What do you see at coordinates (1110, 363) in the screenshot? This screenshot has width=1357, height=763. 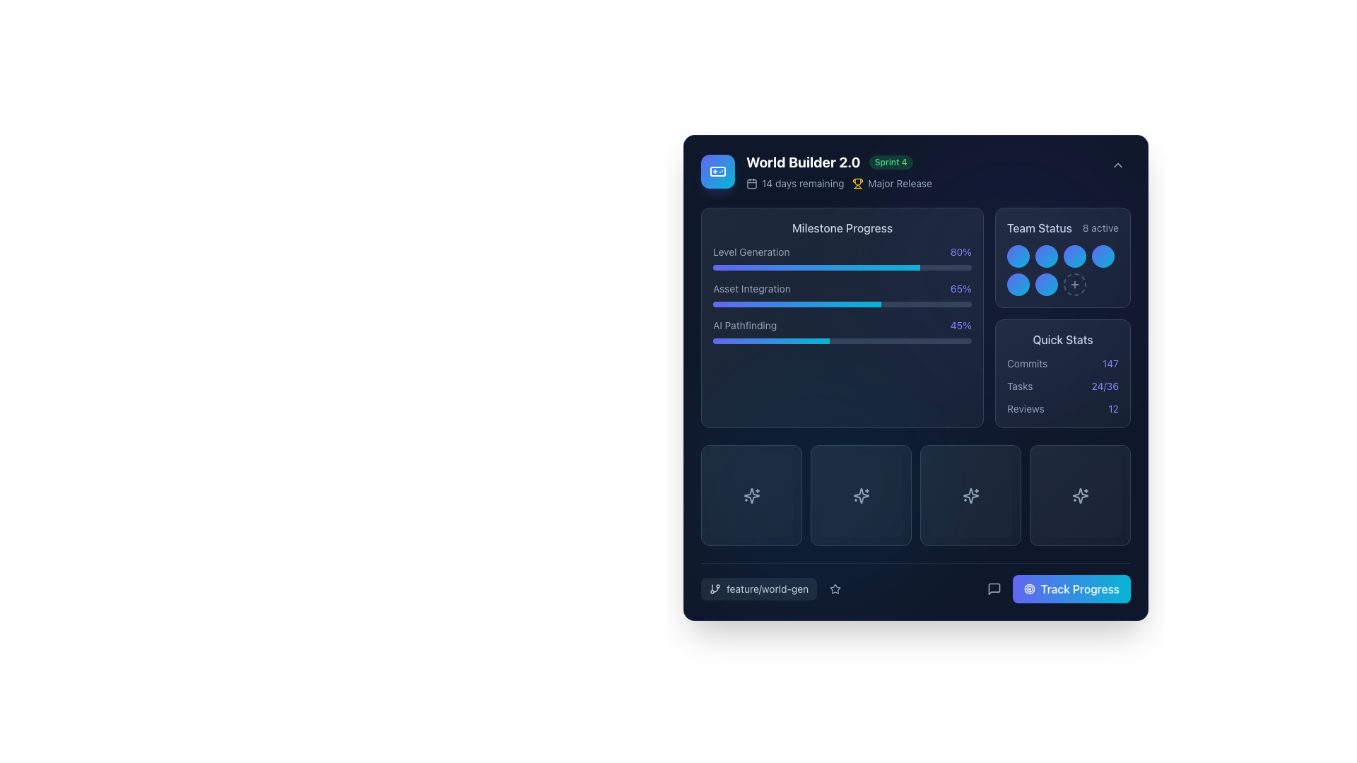 I see `the static text displaying the numeric value '147' in purple, part of the 'Quick Stats' card in the lower right section of the interface` at bounding box center [1110, 363].